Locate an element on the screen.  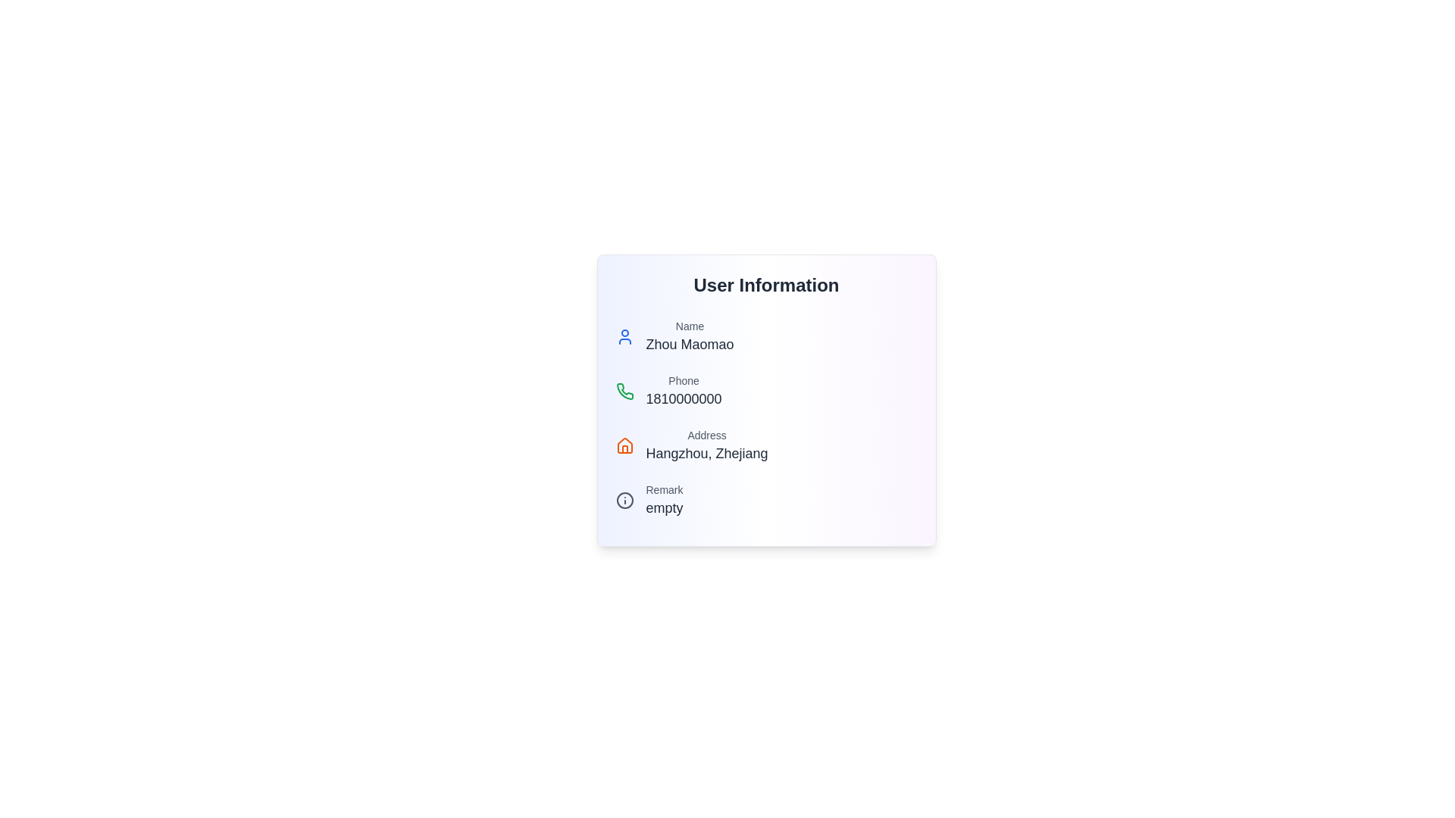
displayed information from the Text Label and Content Pair showing 'Name' and 'Zhou Maomao', located within the 'User Information' card is located at coordinates (689, 336).